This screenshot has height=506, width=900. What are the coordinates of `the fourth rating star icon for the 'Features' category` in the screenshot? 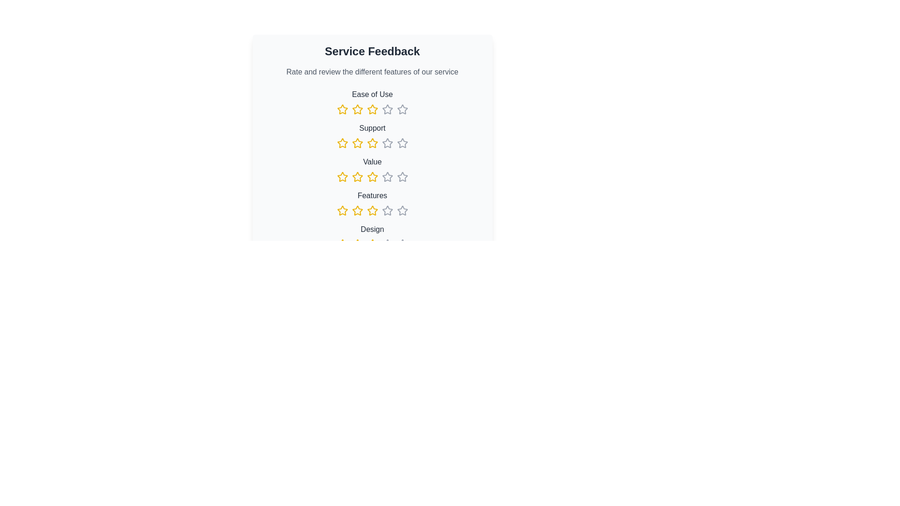 It's located at (387, 210).